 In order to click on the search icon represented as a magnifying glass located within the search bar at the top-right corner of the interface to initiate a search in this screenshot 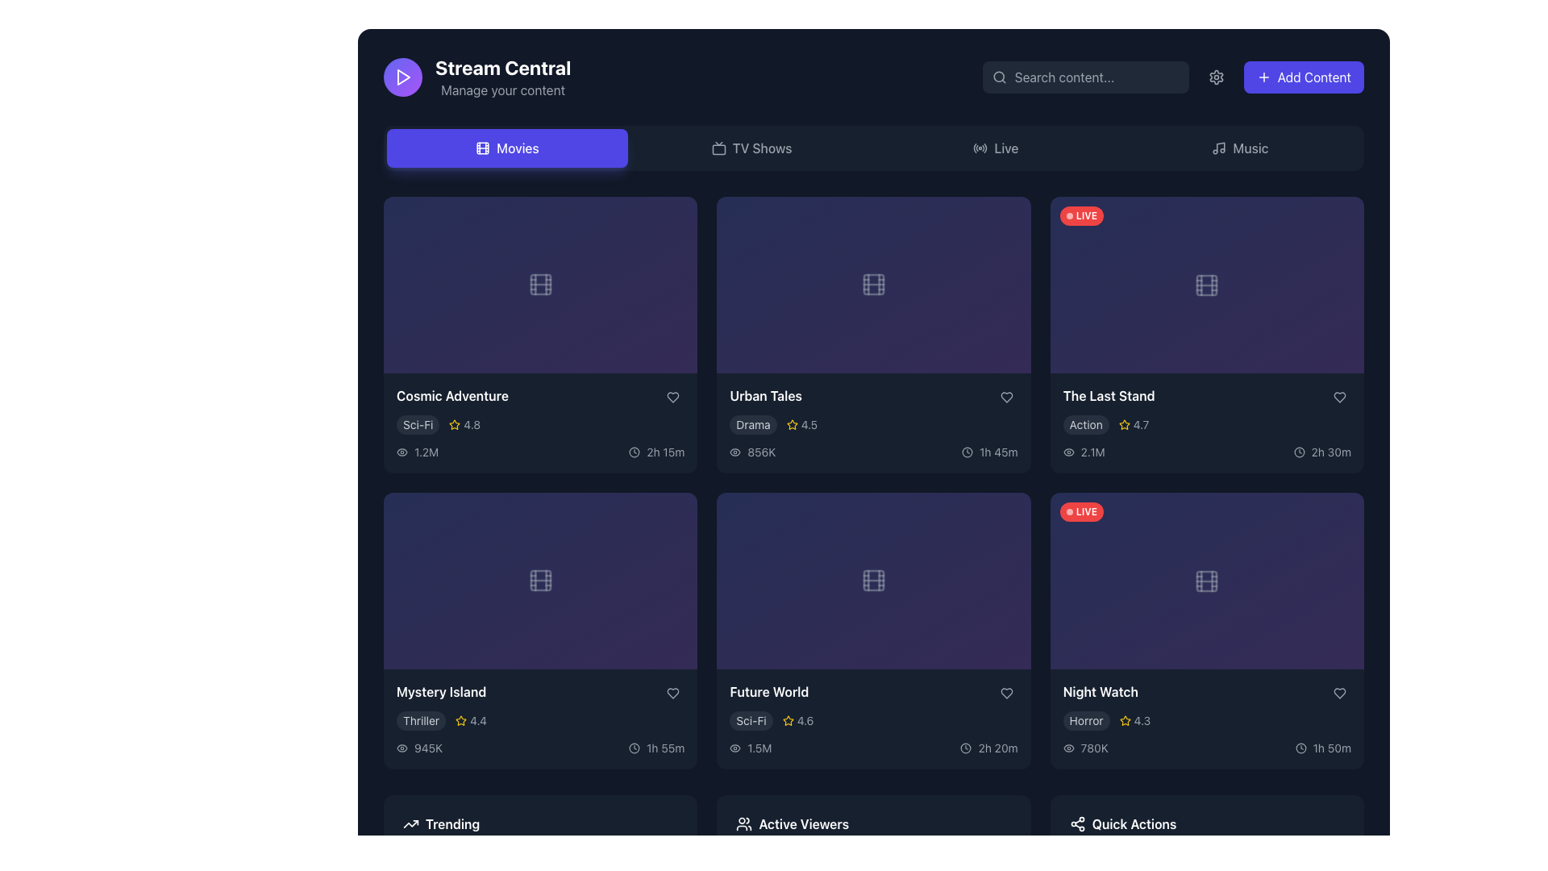, I will do `click(998, 77)`.